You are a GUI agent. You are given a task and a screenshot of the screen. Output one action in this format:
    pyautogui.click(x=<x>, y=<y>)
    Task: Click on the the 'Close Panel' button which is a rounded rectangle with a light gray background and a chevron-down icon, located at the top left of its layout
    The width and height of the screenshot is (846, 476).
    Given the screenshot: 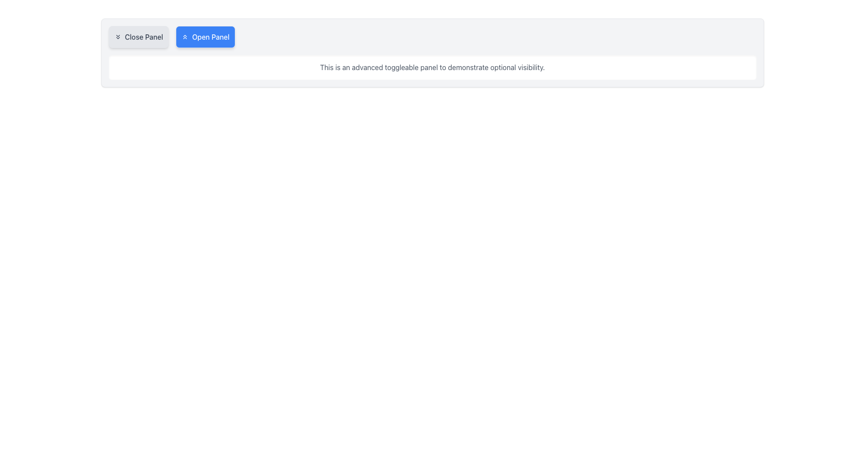 What is the action you would take?
    pyautogui.click(x=138, y=37)
    